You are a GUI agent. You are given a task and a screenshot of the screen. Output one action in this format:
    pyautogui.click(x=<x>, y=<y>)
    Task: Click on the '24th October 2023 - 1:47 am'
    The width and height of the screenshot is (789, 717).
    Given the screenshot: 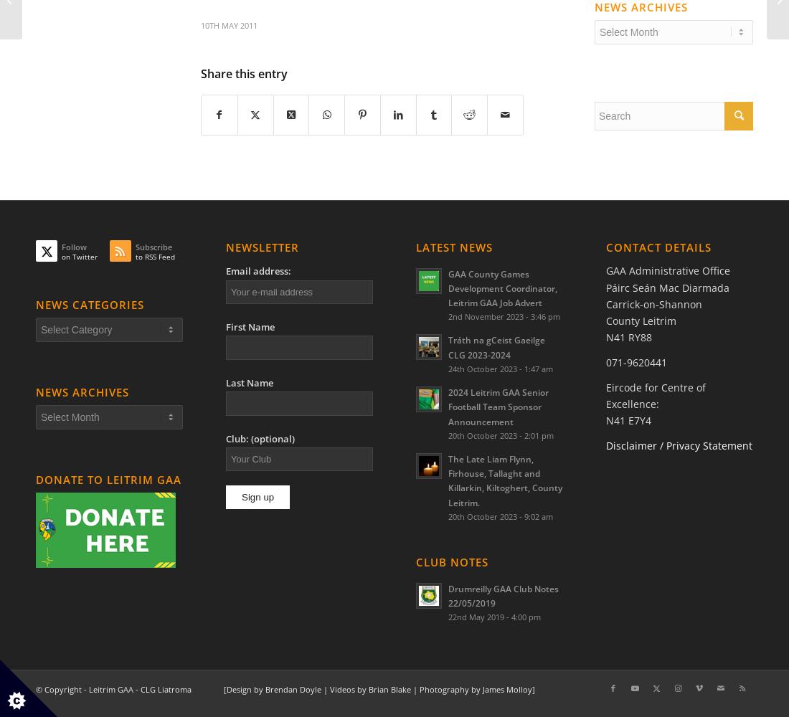 What is the action you would take?
    pyautogui.click(x=499, y=368)
    